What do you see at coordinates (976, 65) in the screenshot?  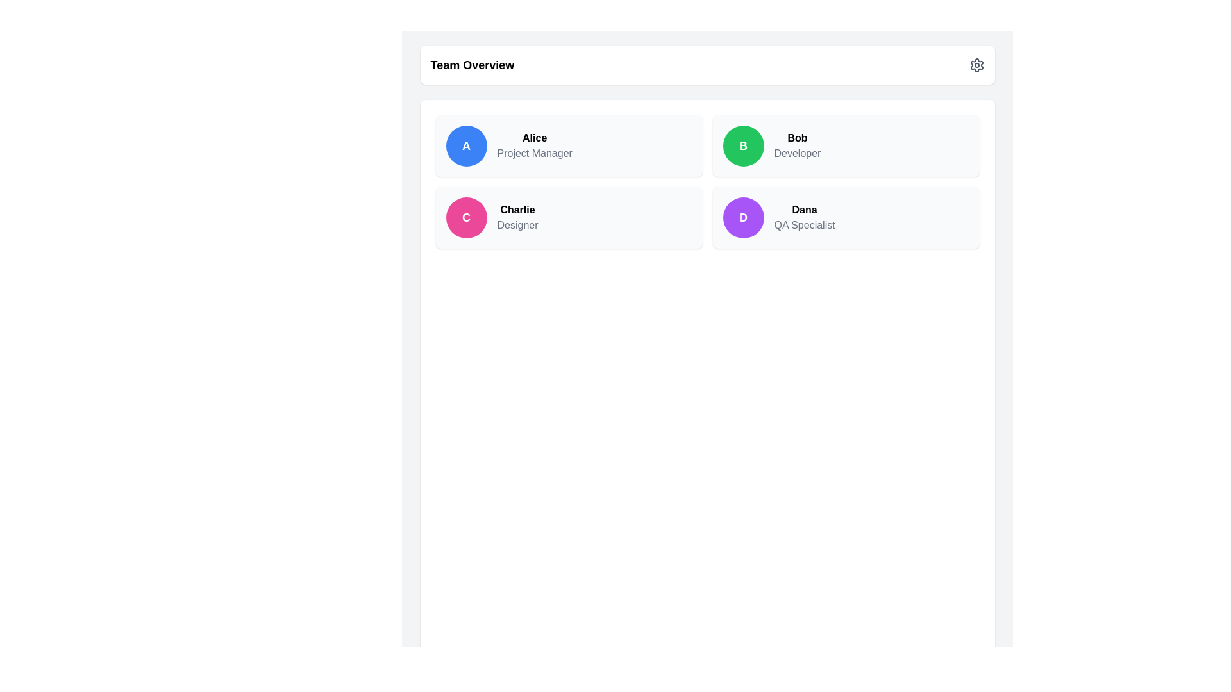 I see `the gear-shaped icon in the top-right corner of the main interface` at bounding box center [976, 65].